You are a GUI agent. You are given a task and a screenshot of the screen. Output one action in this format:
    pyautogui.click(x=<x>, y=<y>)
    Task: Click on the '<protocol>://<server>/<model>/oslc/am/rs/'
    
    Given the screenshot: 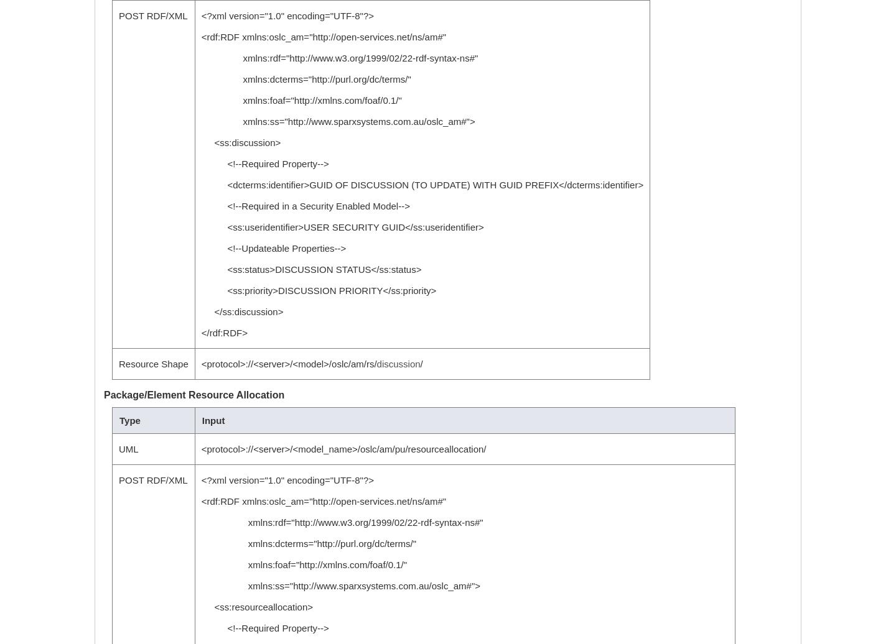 What is the action you would take?
    pyautogui.click(x=288, y=364)
    